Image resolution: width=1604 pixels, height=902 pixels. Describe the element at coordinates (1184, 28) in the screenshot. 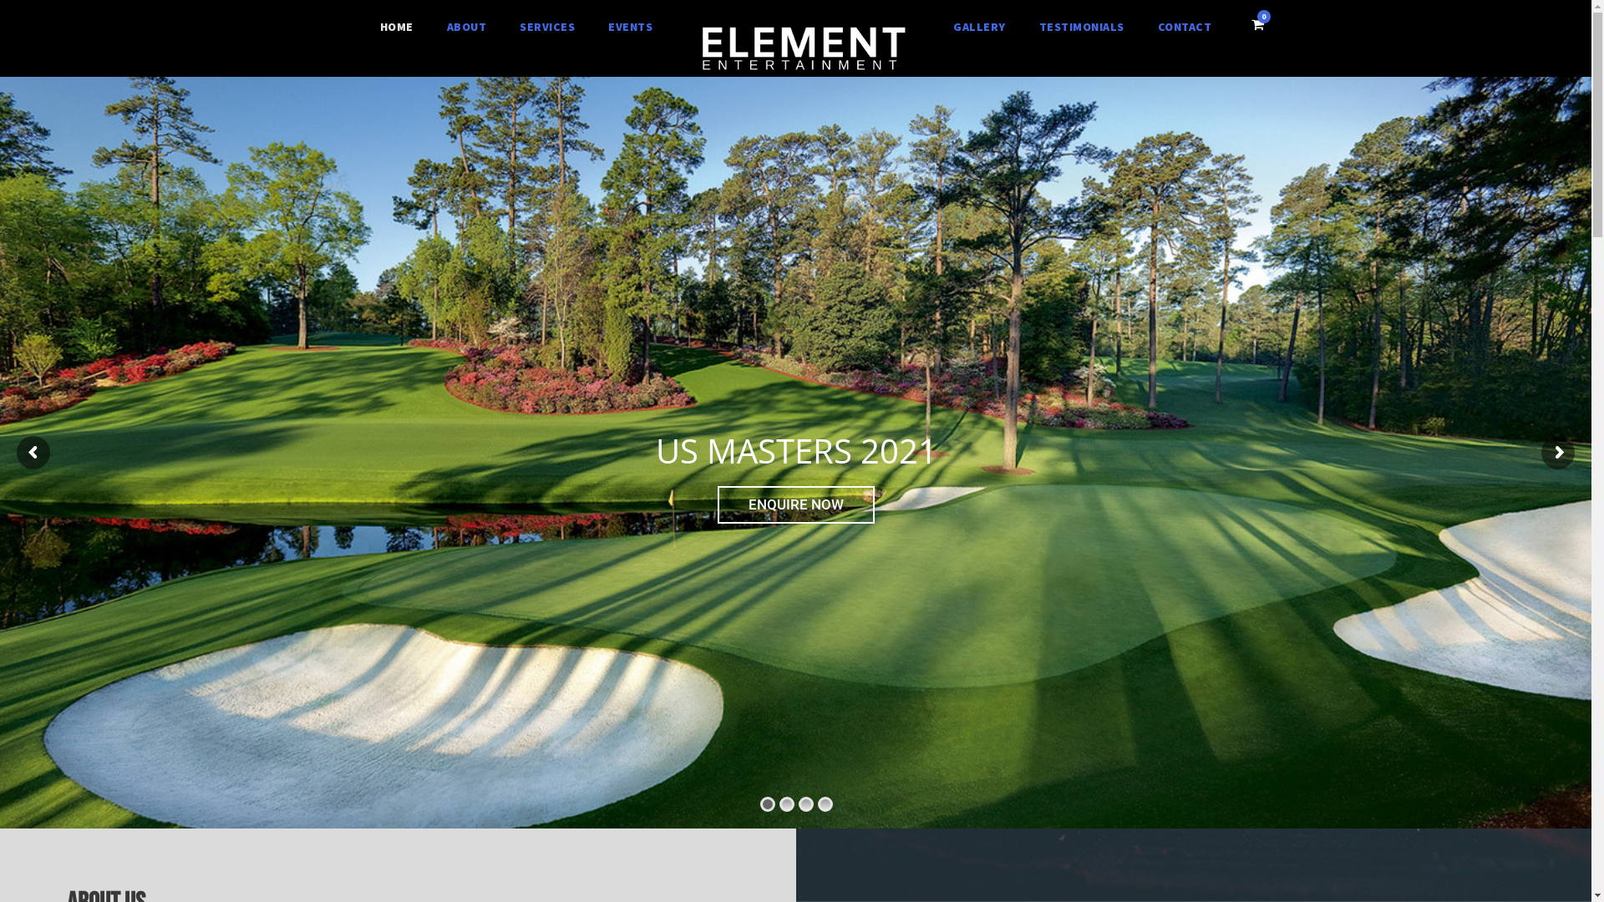

I see `'CONTACT'` at that location.